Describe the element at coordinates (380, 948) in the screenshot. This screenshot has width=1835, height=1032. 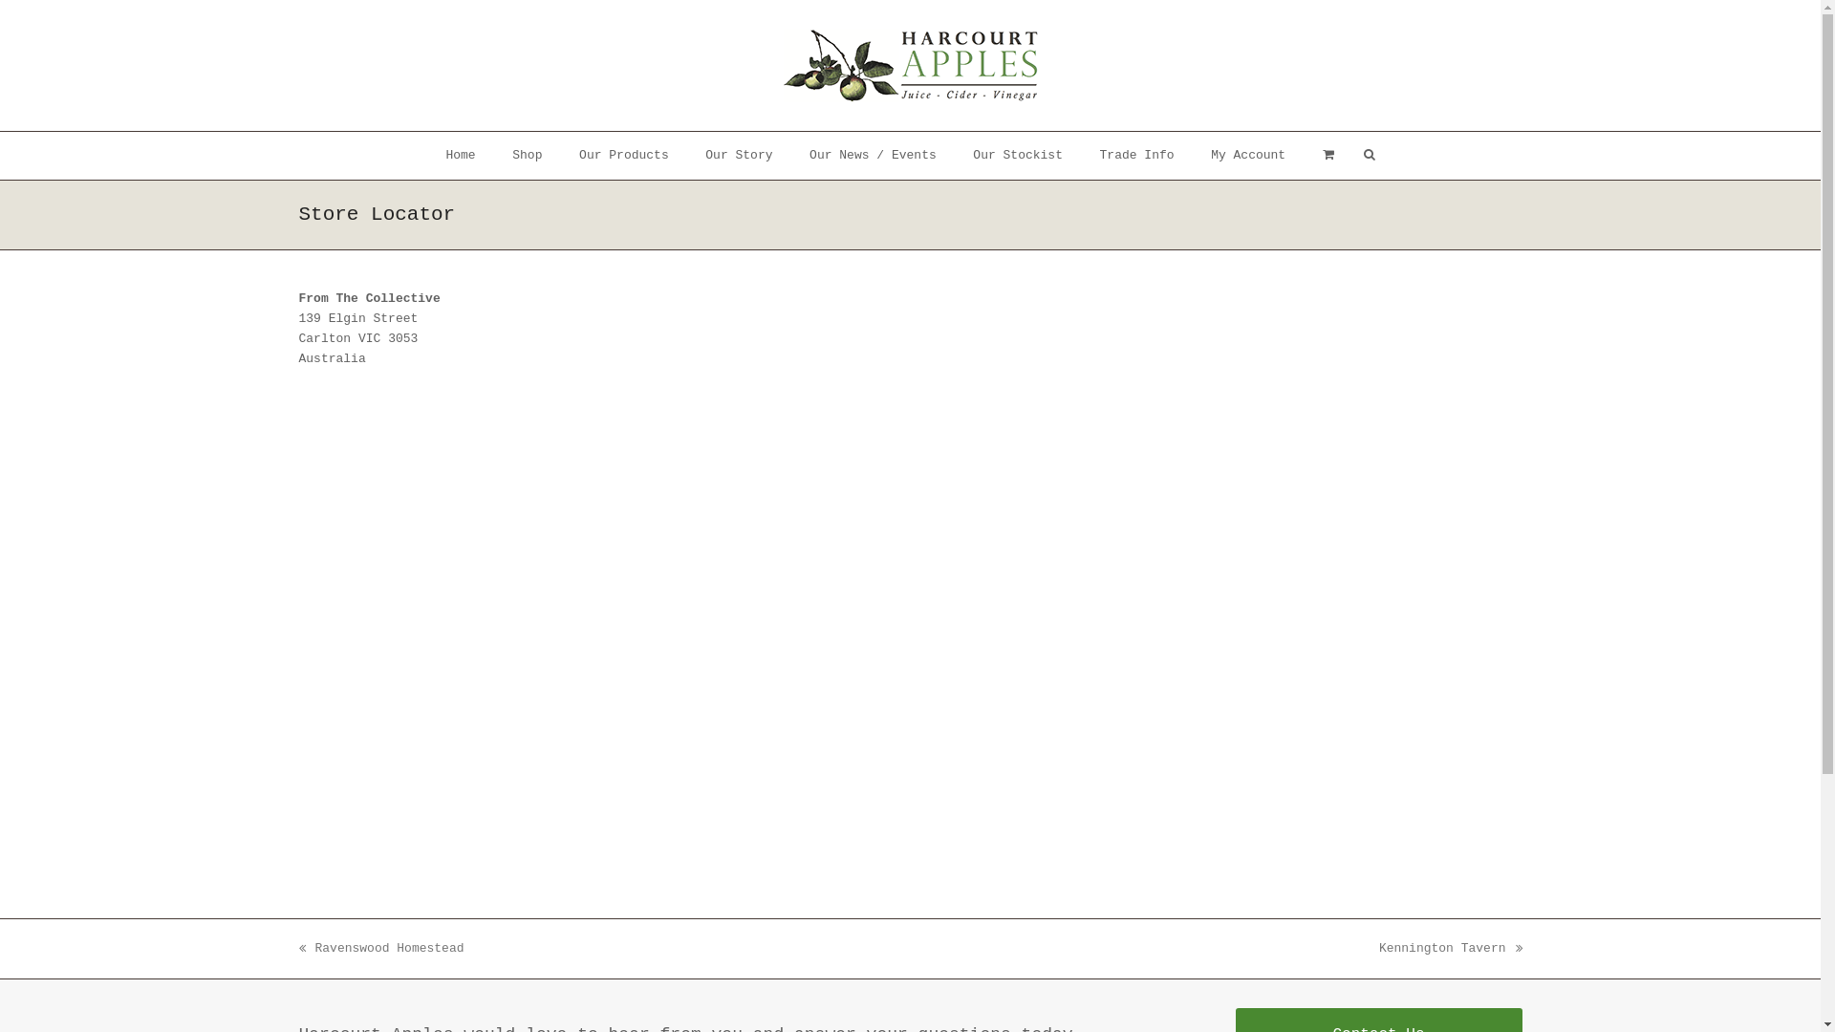
I see `'previous post:` at that location.